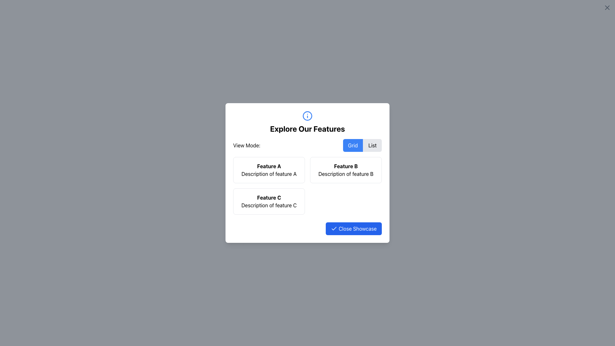 This screenshot has height=346, width=615. I want to click on the segmented control toggle buttons for viewing modes 'Grid' and 'List', so click(362, 145).